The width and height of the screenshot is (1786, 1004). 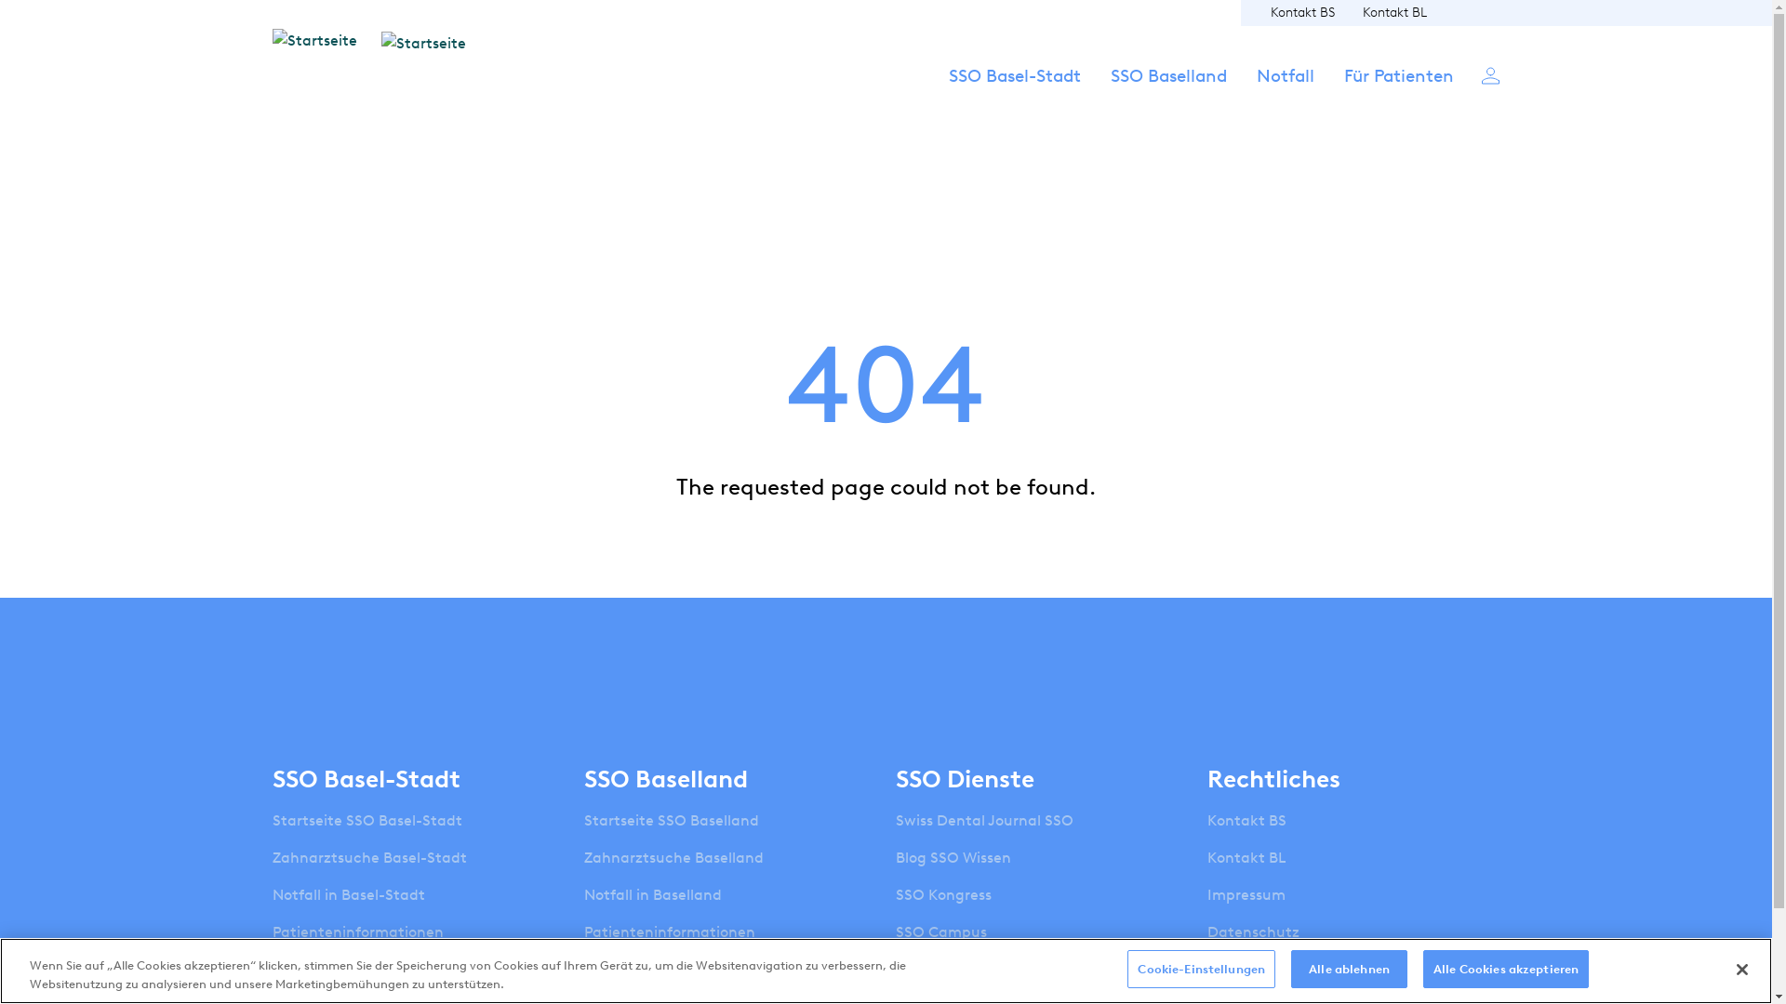 What do you see at coordinates (652, 894) in the screenshot?
I see `'Notfall in Baselland'` at bounding box center [652, 894].